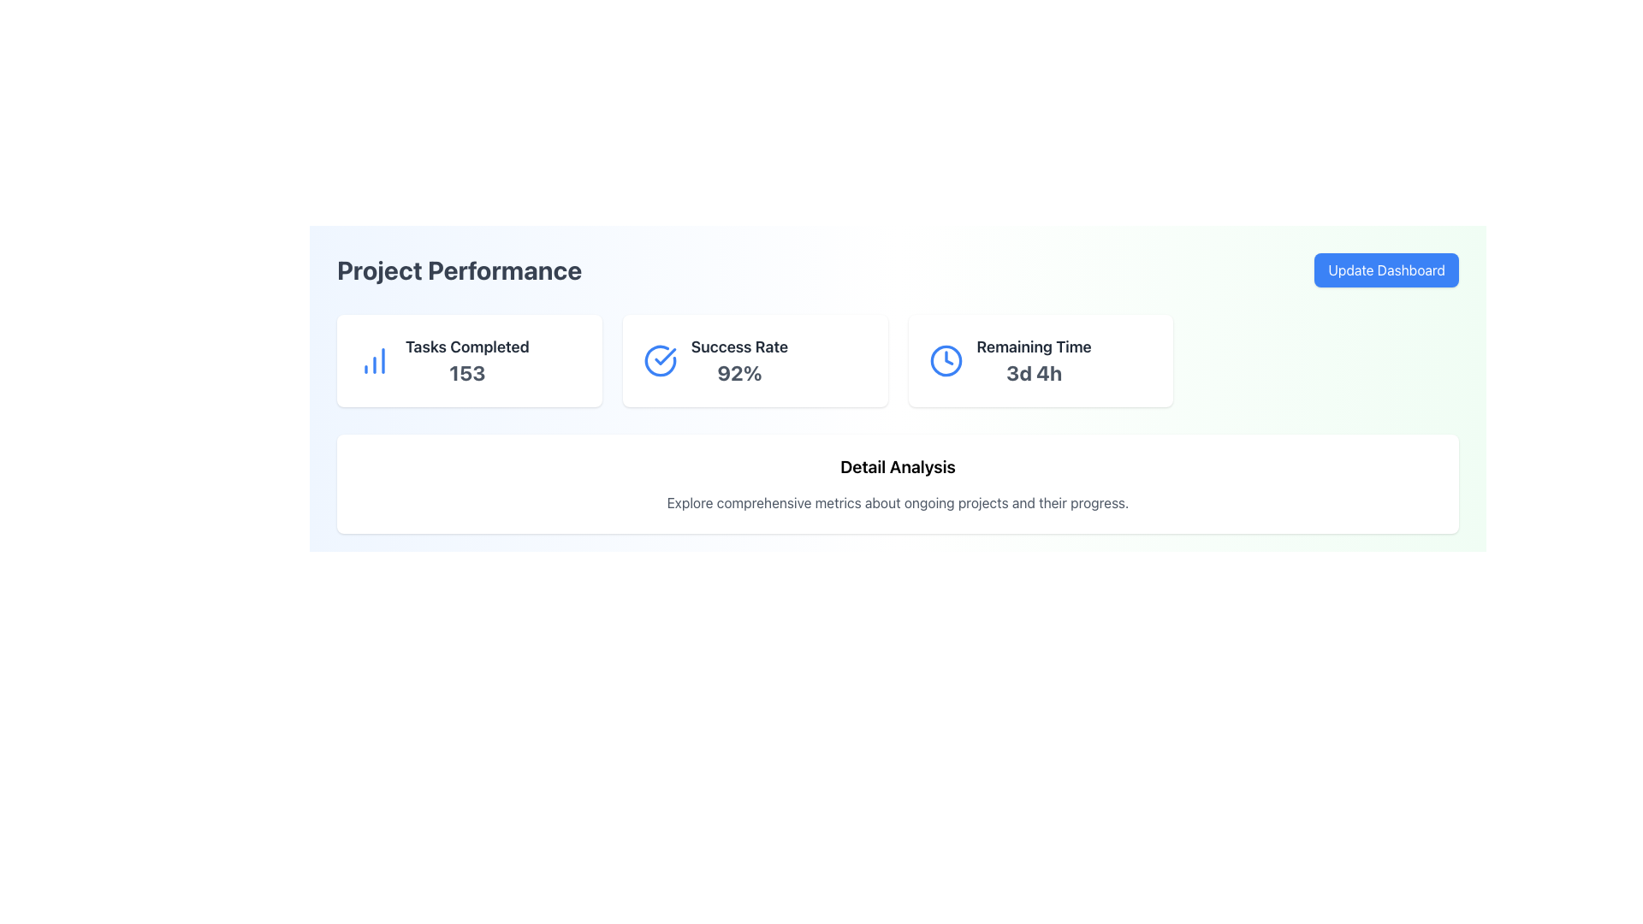  I want to click on the 'Success Rate' text display element which shows '92%' in a larger font beneath 'Success Rate', so click(739, 359).